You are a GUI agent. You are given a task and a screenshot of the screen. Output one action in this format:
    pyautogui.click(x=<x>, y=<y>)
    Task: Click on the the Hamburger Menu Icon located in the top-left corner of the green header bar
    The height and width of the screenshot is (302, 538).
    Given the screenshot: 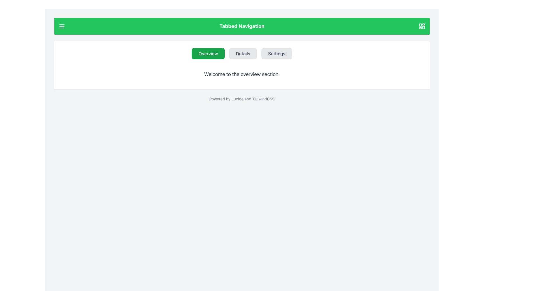 What is the action you would take?
    pyautogui.click(x=62, y=26)
    